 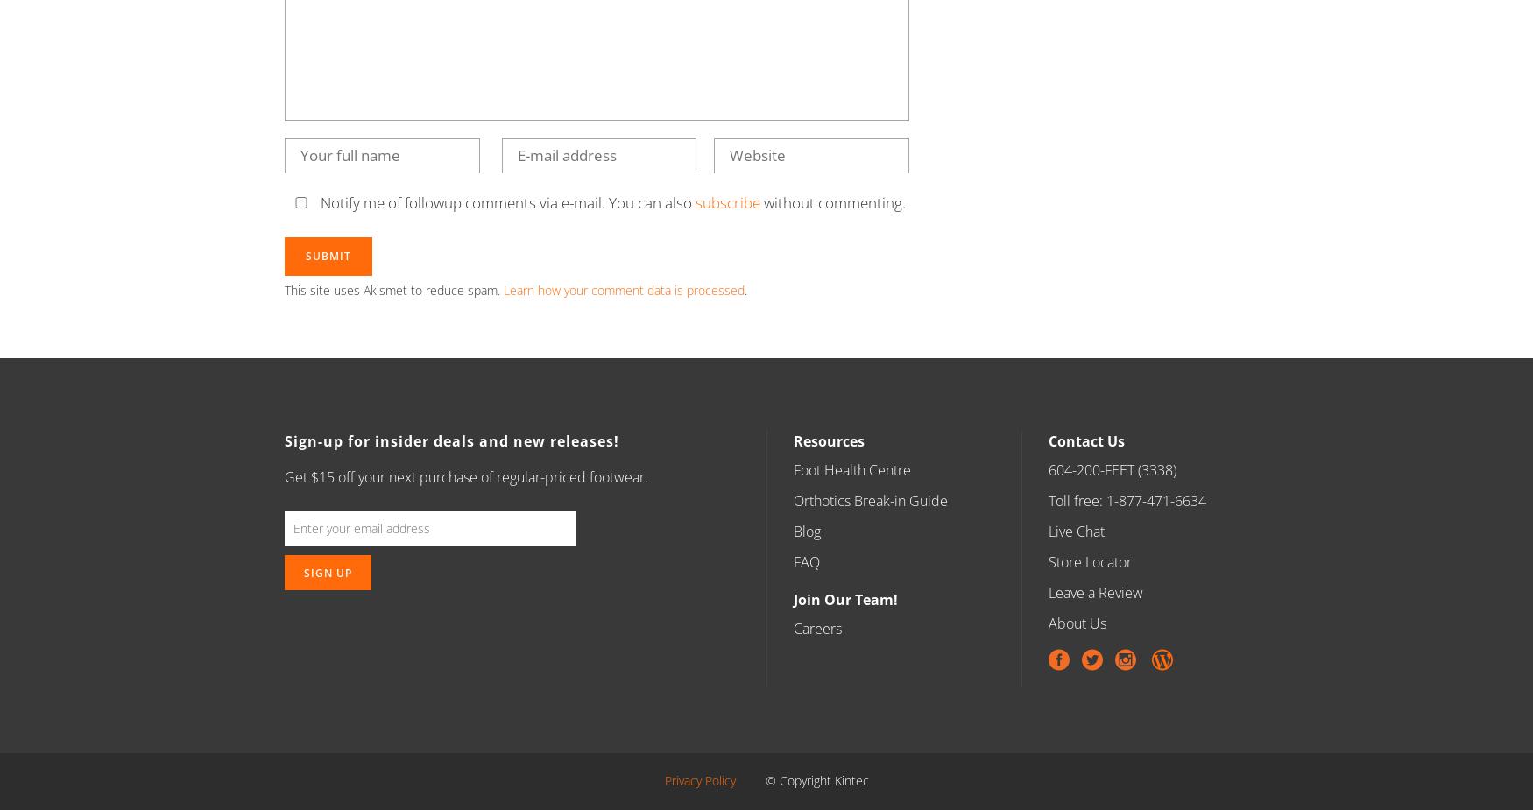 What do you see at coordinates (1085, 440) in the screenshot?
I see `'Contact Us'` at bounding box center [1085, 440].